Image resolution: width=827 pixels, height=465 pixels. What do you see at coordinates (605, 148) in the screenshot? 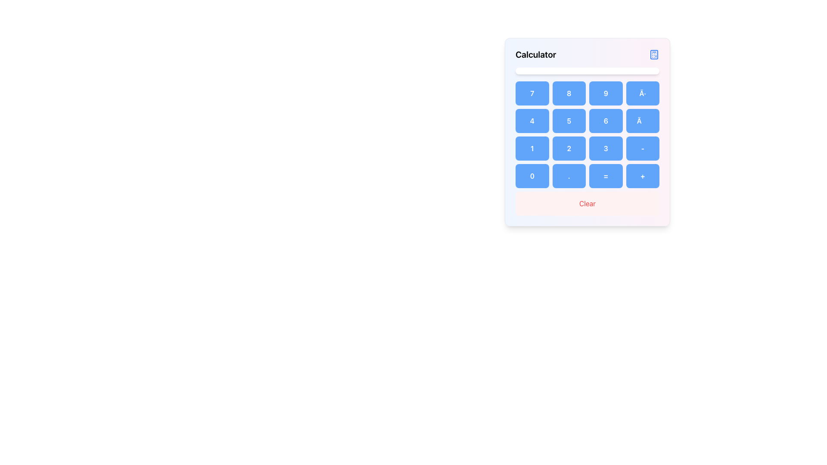
I see `the button representing the numeral '3' located in the third row and third column of the 4x4 grid keypad to input the number 3` at bounding box center [605, 148].